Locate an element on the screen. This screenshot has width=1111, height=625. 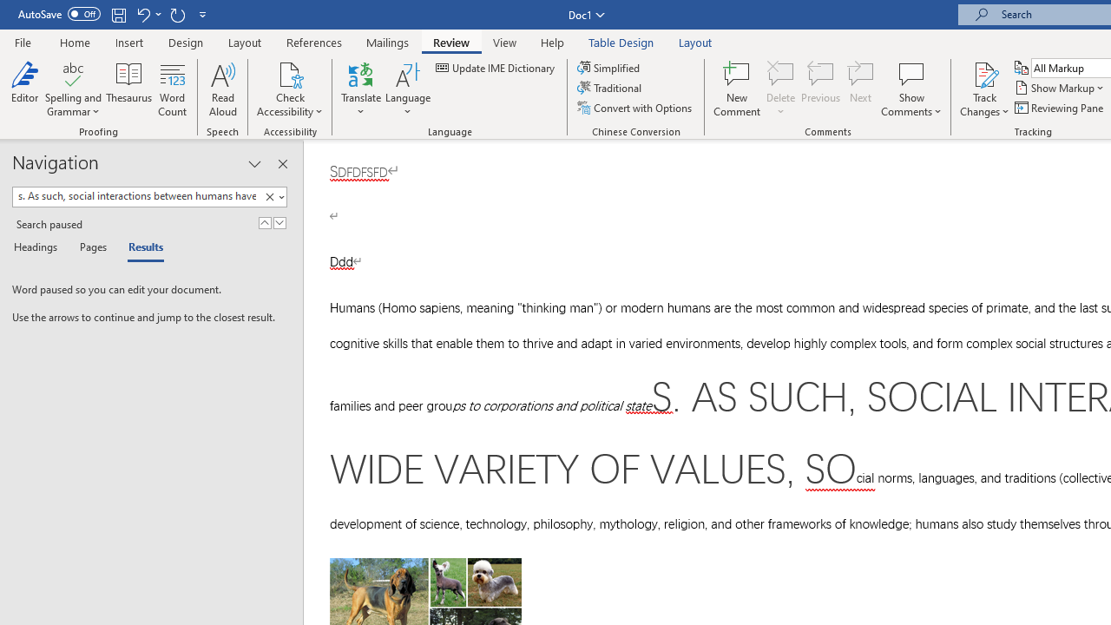
'Show Markup' is located at coordinates (1060, 88).